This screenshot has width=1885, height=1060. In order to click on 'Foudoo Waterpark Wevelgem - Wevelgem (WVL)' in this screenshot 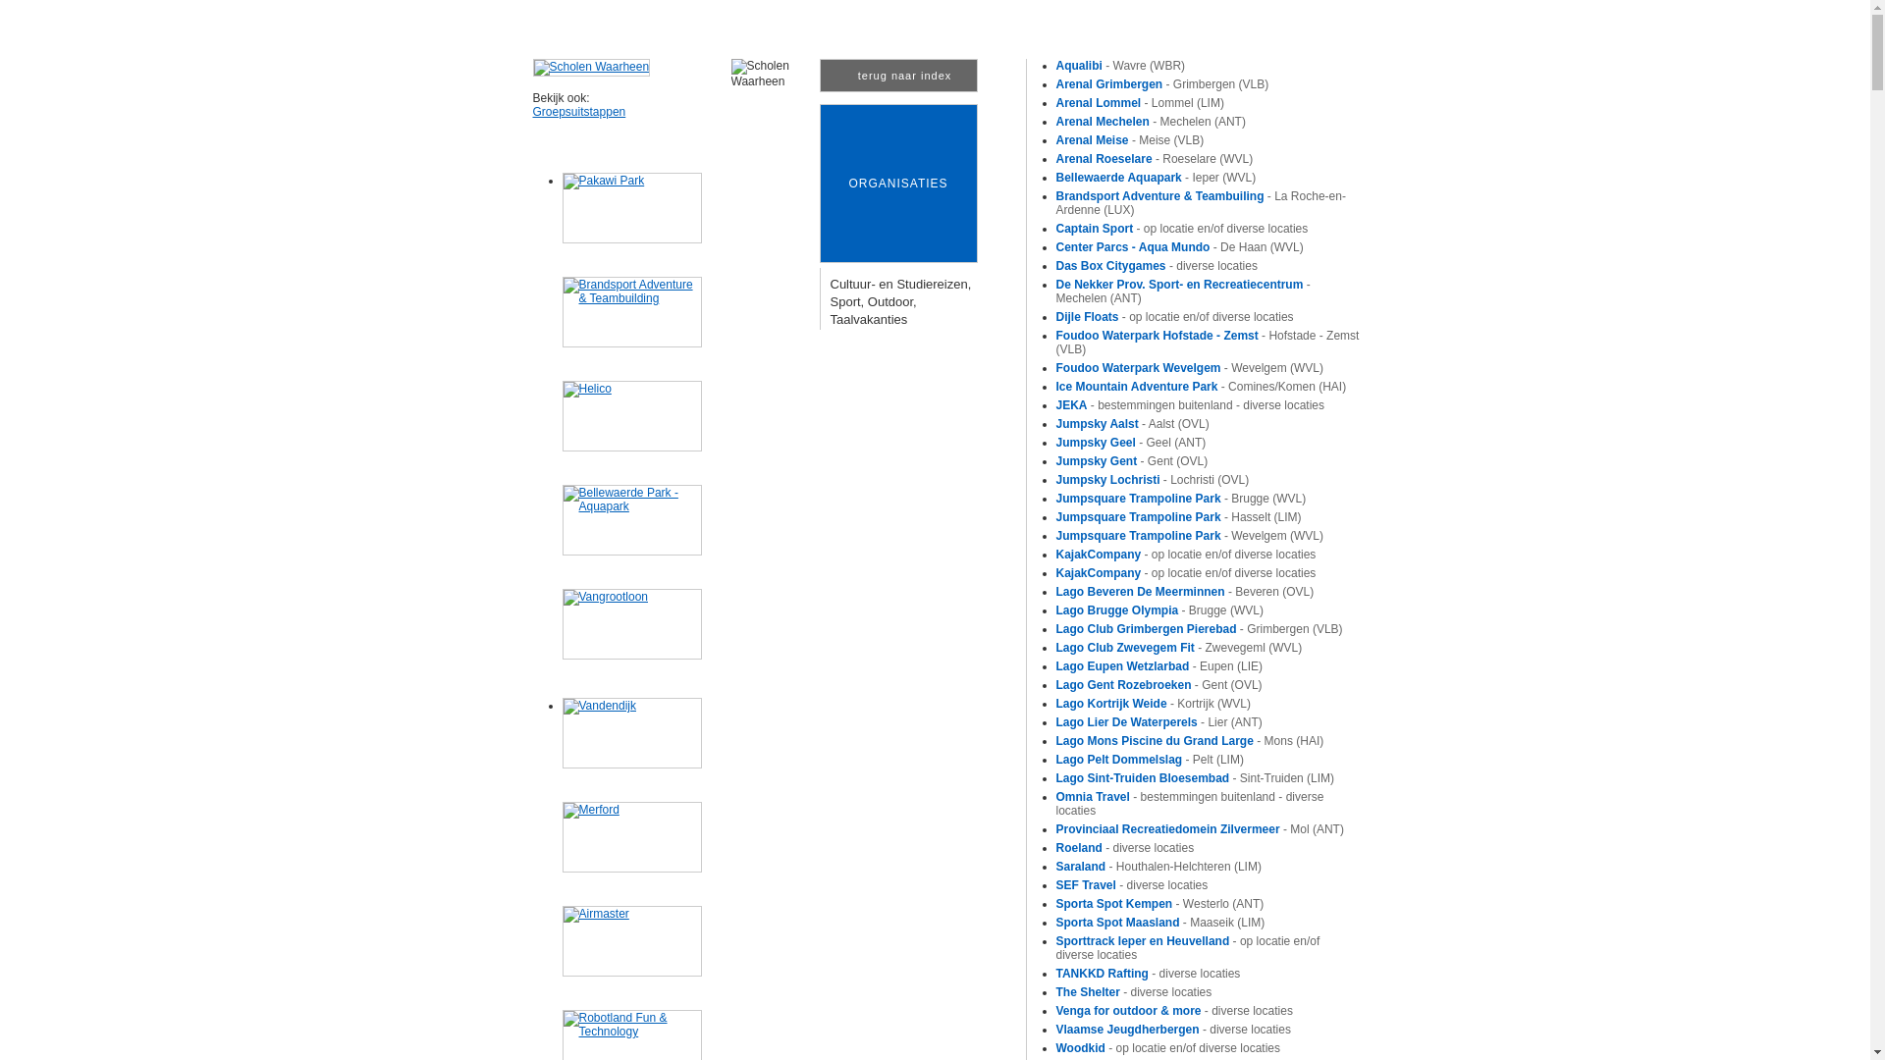, I will do `click(1054, 367)`.